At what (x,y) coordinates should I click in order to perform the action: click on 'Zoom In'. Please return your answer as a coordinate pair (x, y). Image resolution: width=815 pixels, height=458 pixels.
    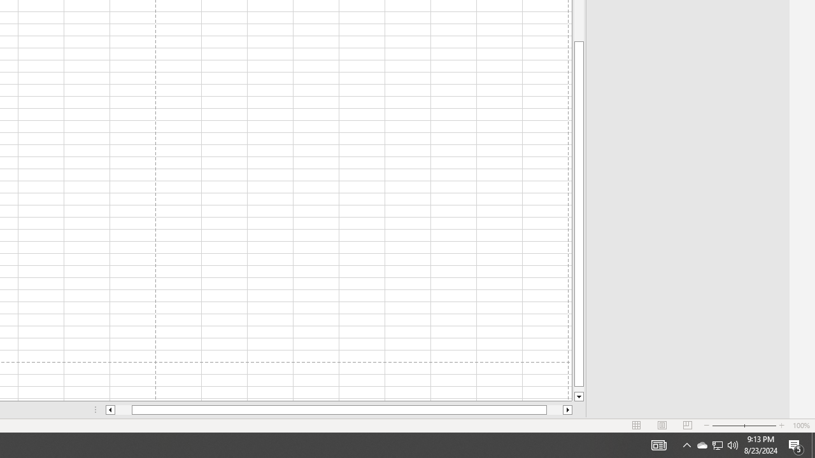
    Looking at the image, I should click on (781, 426).